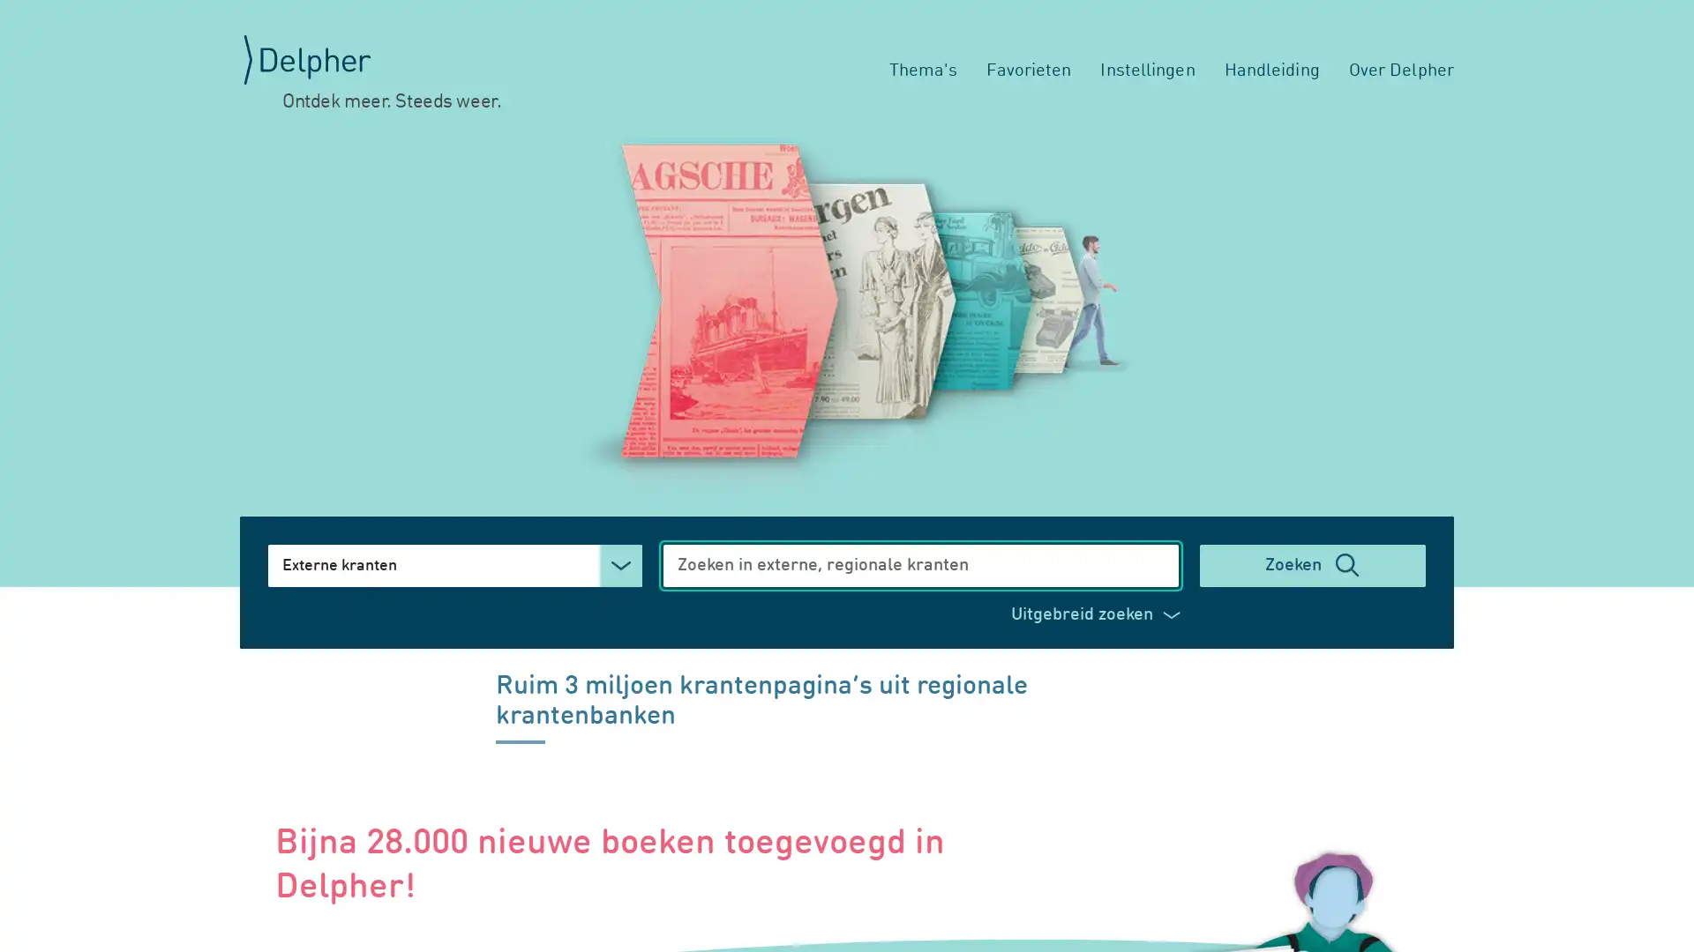 The image size is (1694, 952). I want to click on Zoeken, so click(1313, 565).